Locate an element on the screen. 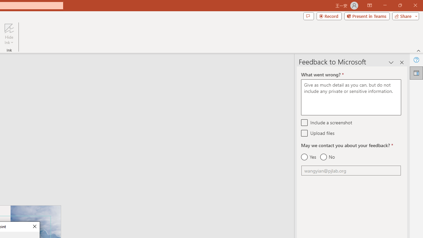 Image resolution: width=423 pixels, height=238 pixels. 'Yes' is located at coordinates (308, 157).